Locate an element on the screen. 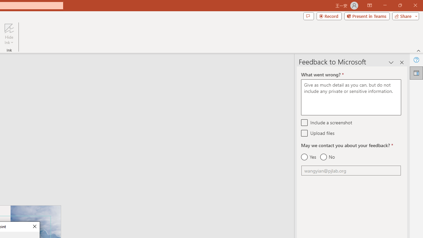 Image resolution: width=423 pixels, height=238 pixels. 'Yes' is located at coordinates (308, 157).